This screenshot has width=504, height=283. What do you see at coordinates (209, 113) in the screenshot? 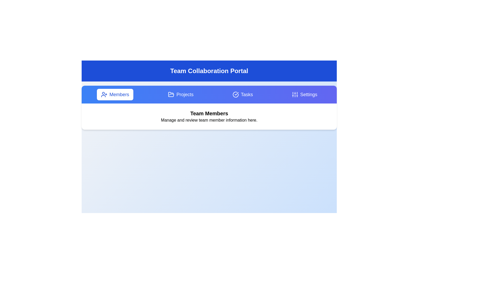
I see `the heading text 'Team Members' which is a bold, large-size font styled in black color, located centrally above the explanatory text block` at bounding box center [209, 113].